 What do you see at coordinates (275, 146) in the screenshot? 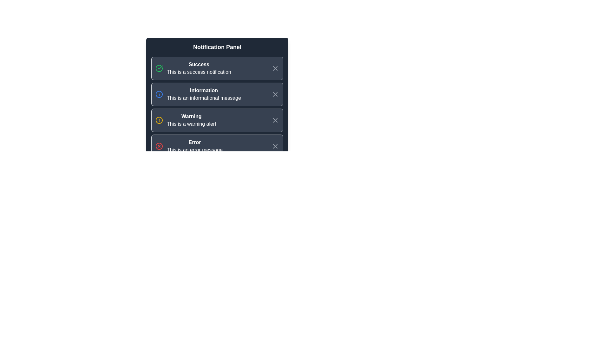
I see `the close button located at the far right end of the notification panel` at bounding box center [275, 146].